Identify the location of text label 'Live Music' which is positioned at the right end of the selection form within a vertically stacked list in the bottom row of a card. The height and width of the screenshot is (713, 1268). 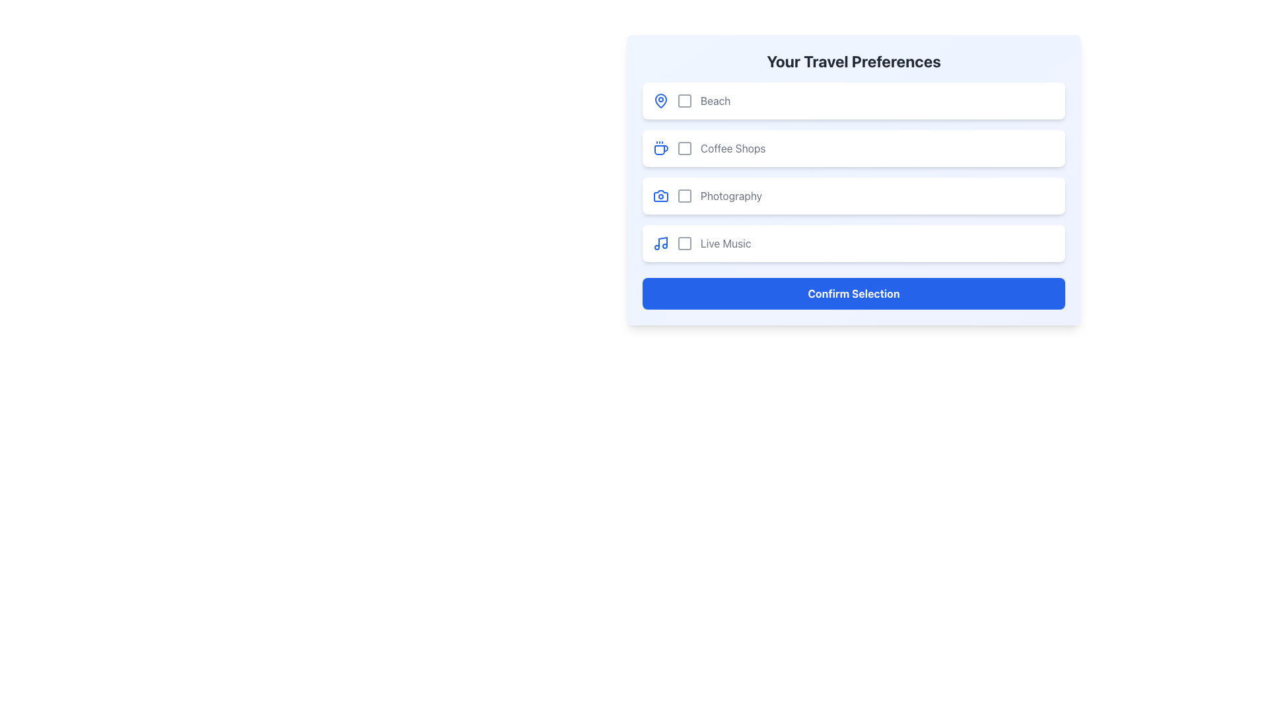
(725, 244).